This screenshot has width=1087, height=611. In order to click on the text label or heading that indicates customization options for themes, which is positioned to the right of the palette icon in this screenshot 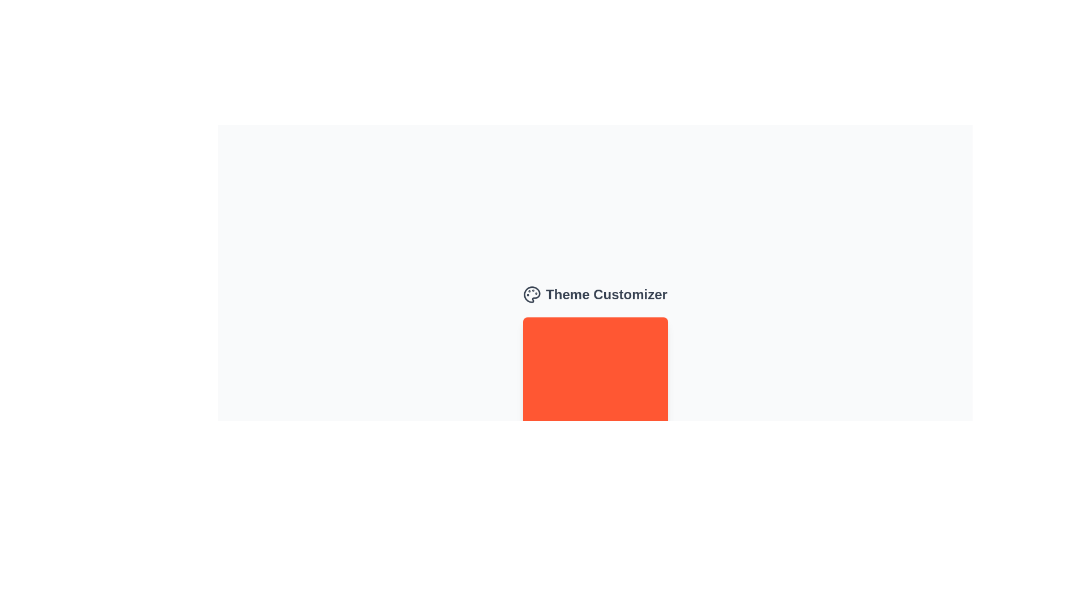, I will do `click(606, 294)`.